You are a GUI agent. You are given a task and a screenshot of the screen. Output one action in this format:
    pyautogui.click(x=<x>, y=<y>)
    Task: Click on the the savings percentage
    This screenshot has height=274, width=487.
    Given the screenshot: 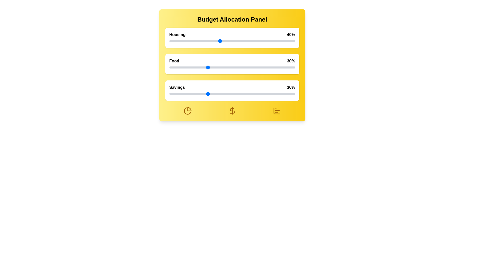 What is the action you would take?
    pyautogui.click(x=236, y=94)
    